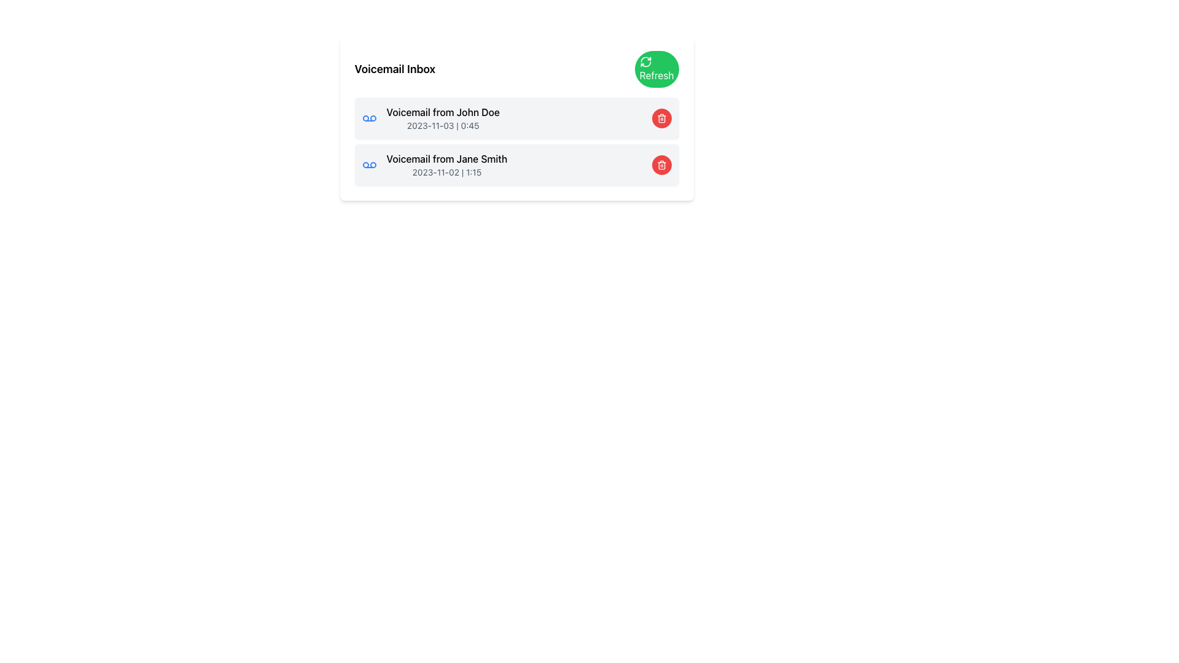 The image size is (1179, 663). What do you see at coordinates (645, 61) in the screenshot?
I see `the refresh icon located in the center of the green circular button labeled 'Refresh' in the top-right corner of the voicemail inbox card` at bounding box center [645, 61].